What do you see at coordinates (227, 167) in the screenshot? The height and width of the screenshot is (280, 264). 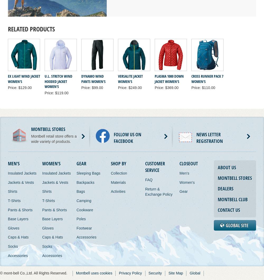 I see `'About Us'` at bounding box center [227, 167].